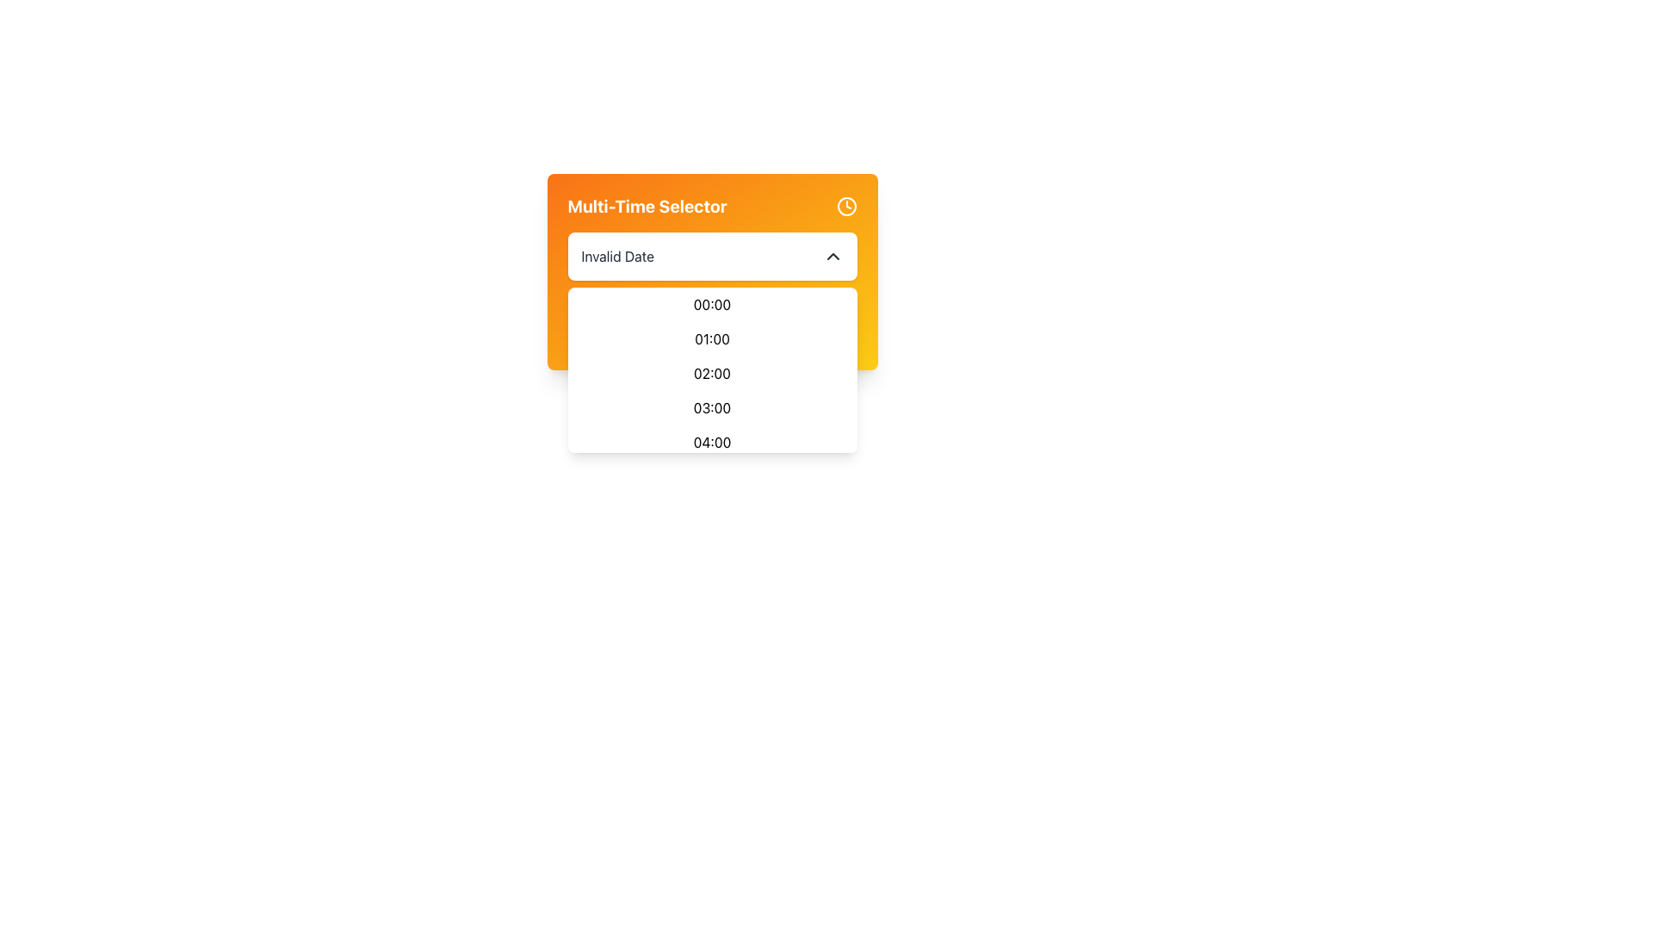 Image resolution: width=1653 pixels, height=930 pixels. What do you see at coordinates (617, 256) in the screenshot?
I see `the Text label displaying 'Invalid Date', which indicates an invalid selection or date input` at bounding box center [617, 256].